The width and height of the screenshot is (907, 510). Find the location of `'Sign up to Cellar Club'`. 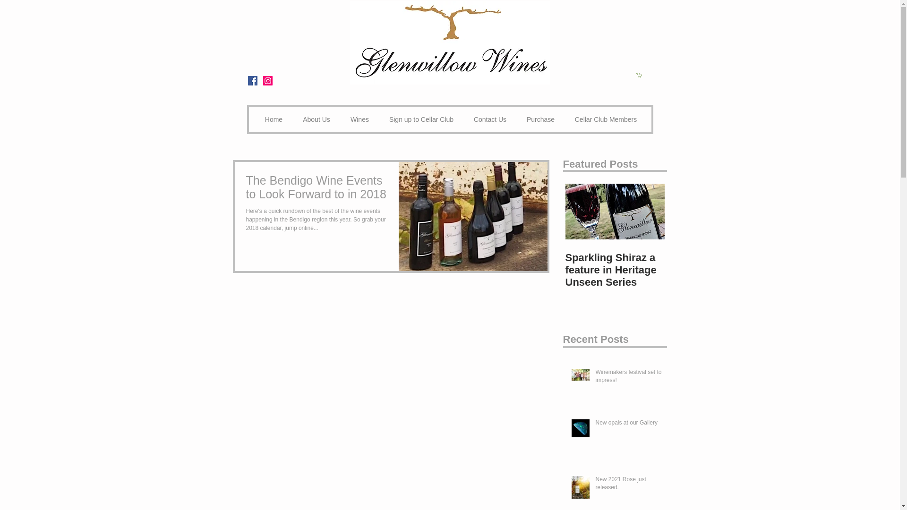

'Sign up to Cellar Club' is located at coordinates (420, 119).